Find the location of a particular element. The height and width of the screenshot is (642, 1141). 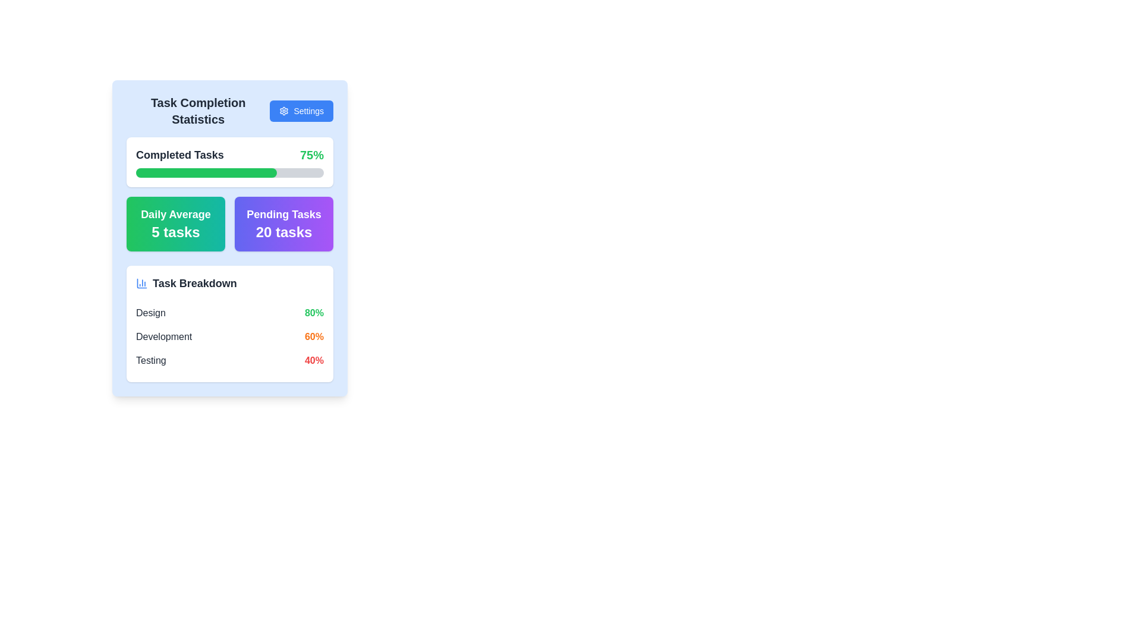

the settings icon located in the top-right corner of the 'Task Completion Statistics' card is located at coordinates (283, 111).